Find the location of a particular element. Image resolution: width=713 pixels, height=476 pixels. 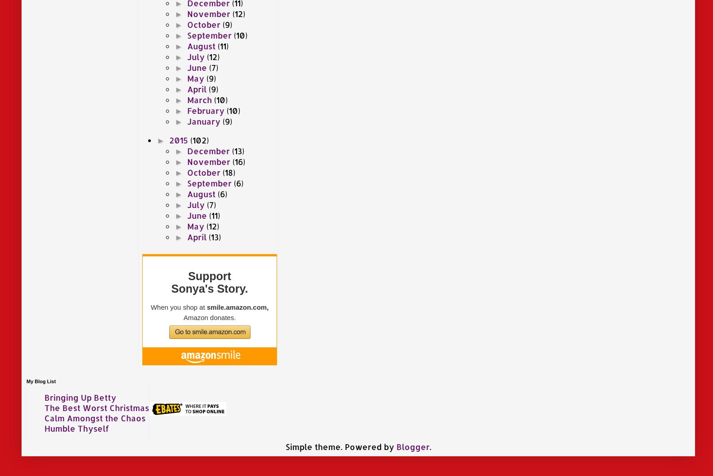

'Humble Thyself' is located at coordinates (44, 427).